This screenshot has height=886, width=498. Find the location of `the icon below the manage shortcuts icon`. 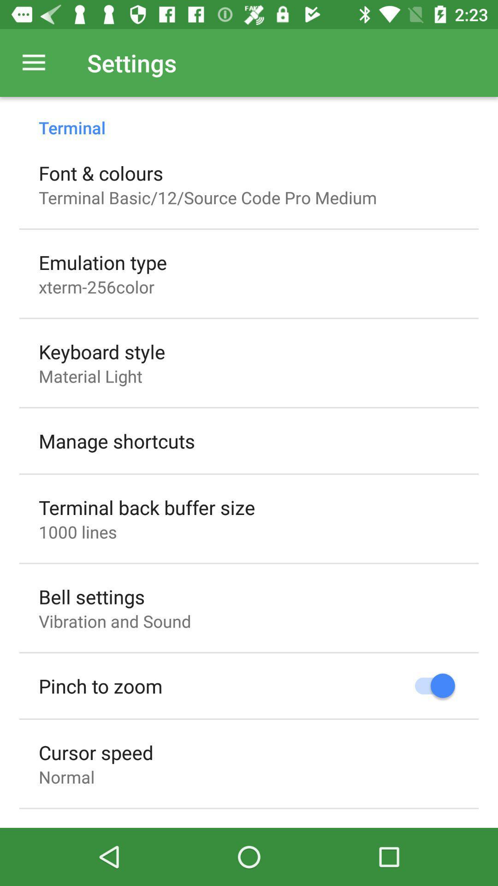

the icon below the manage shortcuts icon is located at coordinates (146, 507).